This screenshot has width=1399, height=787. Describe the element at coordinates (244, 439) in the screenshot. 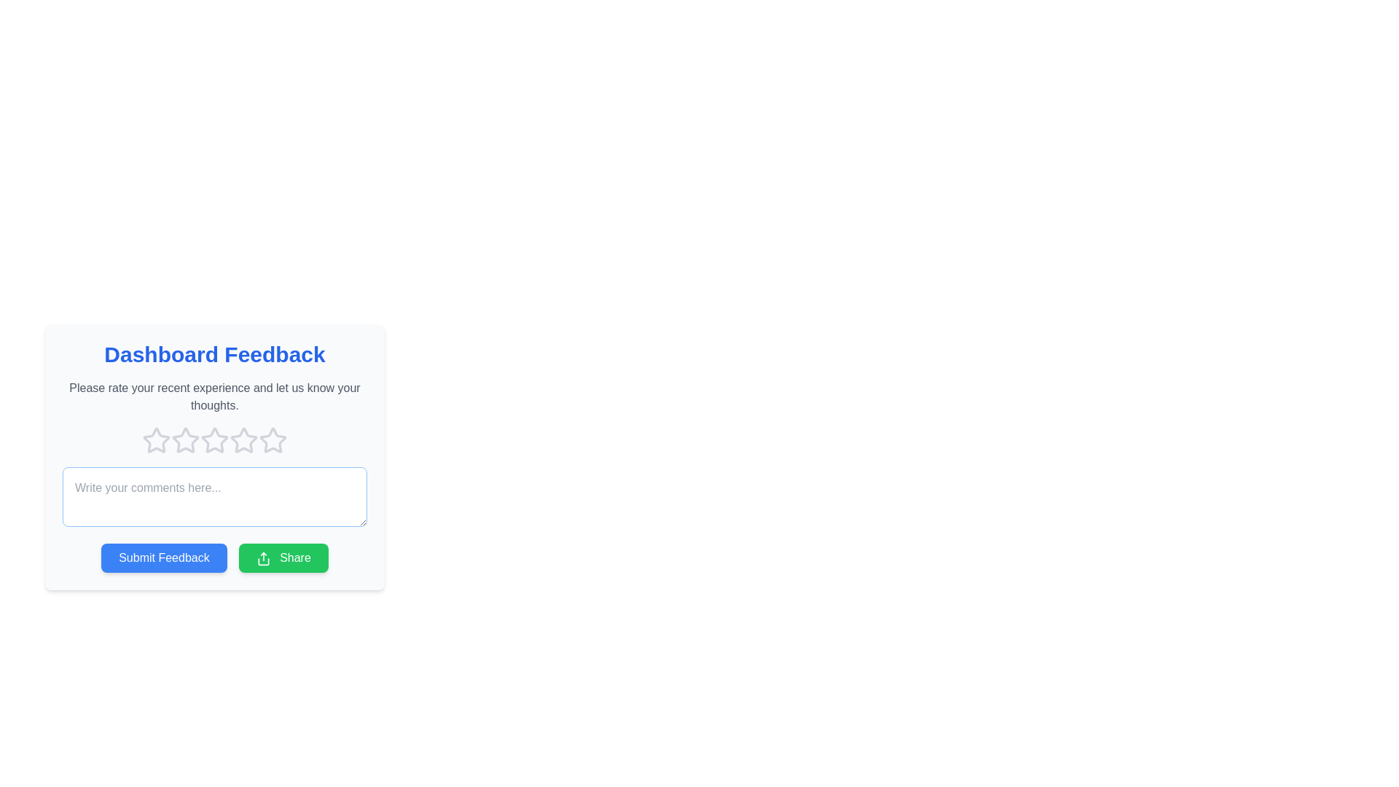

I see `the third star icon from the left in the horizontal row of five stars in the 'Dashboard Feedback' section` at that location.